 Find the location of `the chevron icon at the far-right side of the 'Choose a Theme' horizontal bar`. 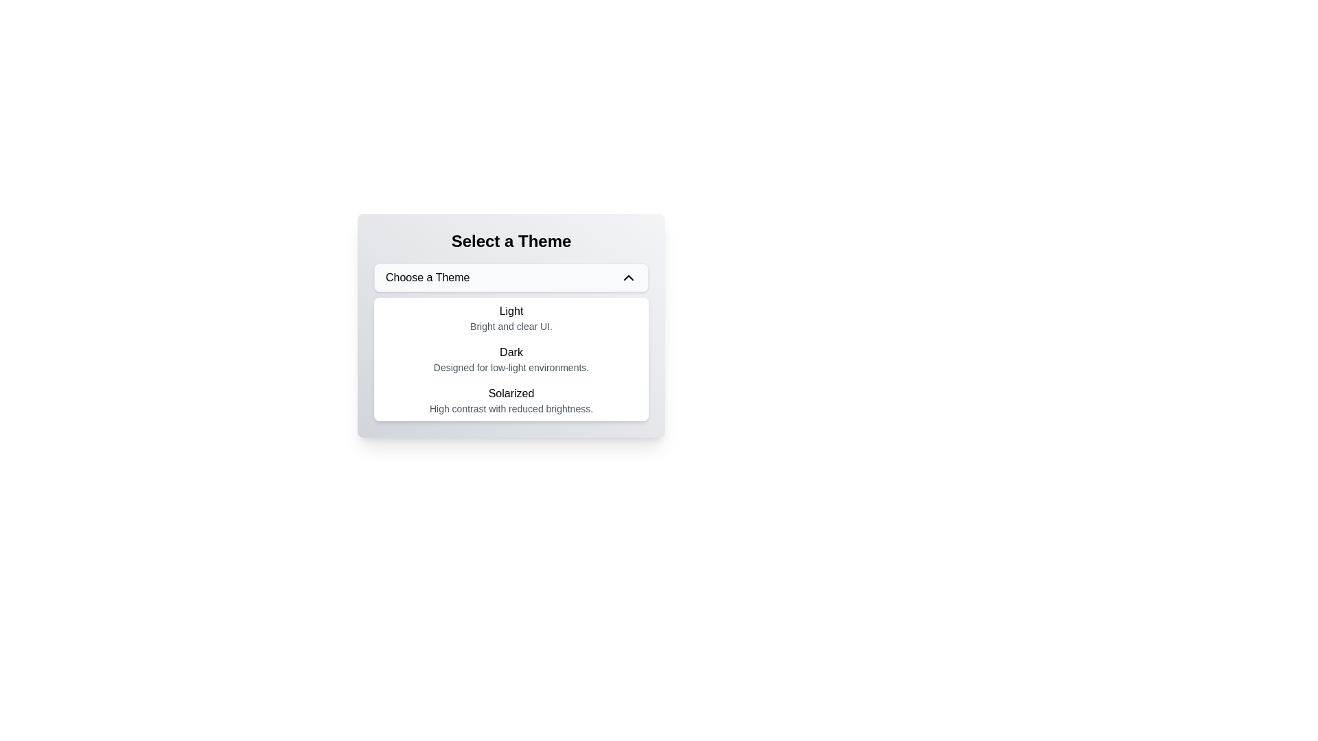

the chevron icon at the far-right side of the 'Choose a Theme' horizontal bar is located at coordinates (628, 278).